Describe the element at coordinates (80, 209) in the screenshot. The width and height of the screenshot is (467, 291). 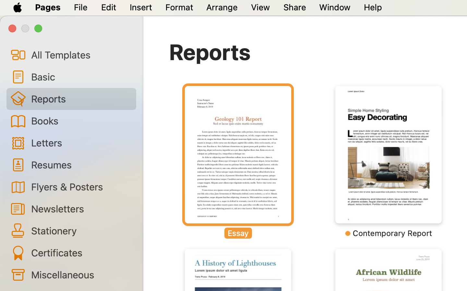
I see `'Newsletters'` at that location.